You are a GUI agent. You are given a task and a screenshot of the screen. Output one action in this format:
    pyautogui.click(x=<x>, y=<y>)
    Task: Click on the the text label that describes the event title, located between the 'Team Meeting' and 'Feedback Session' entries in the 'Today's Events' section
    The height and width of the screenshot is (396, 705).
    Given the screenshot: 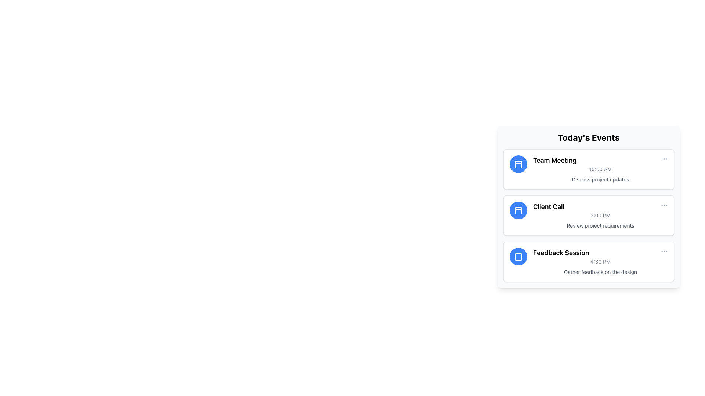 What is the action you would take?
    pyautogui.click(x=549, y=206)
    